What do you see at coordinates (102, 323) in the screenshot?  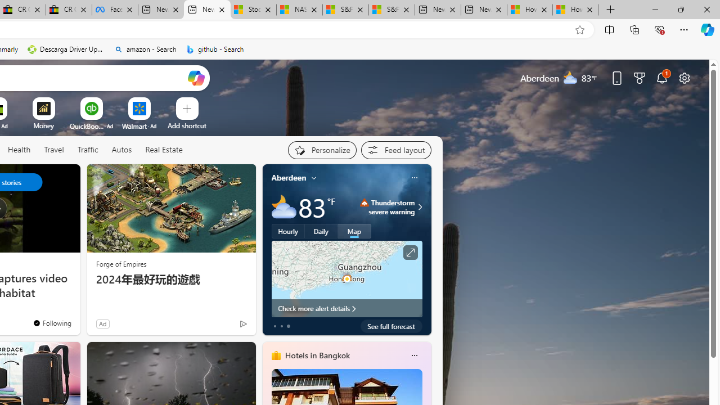 I see `'Ad'` at bounding box center [102, 323].